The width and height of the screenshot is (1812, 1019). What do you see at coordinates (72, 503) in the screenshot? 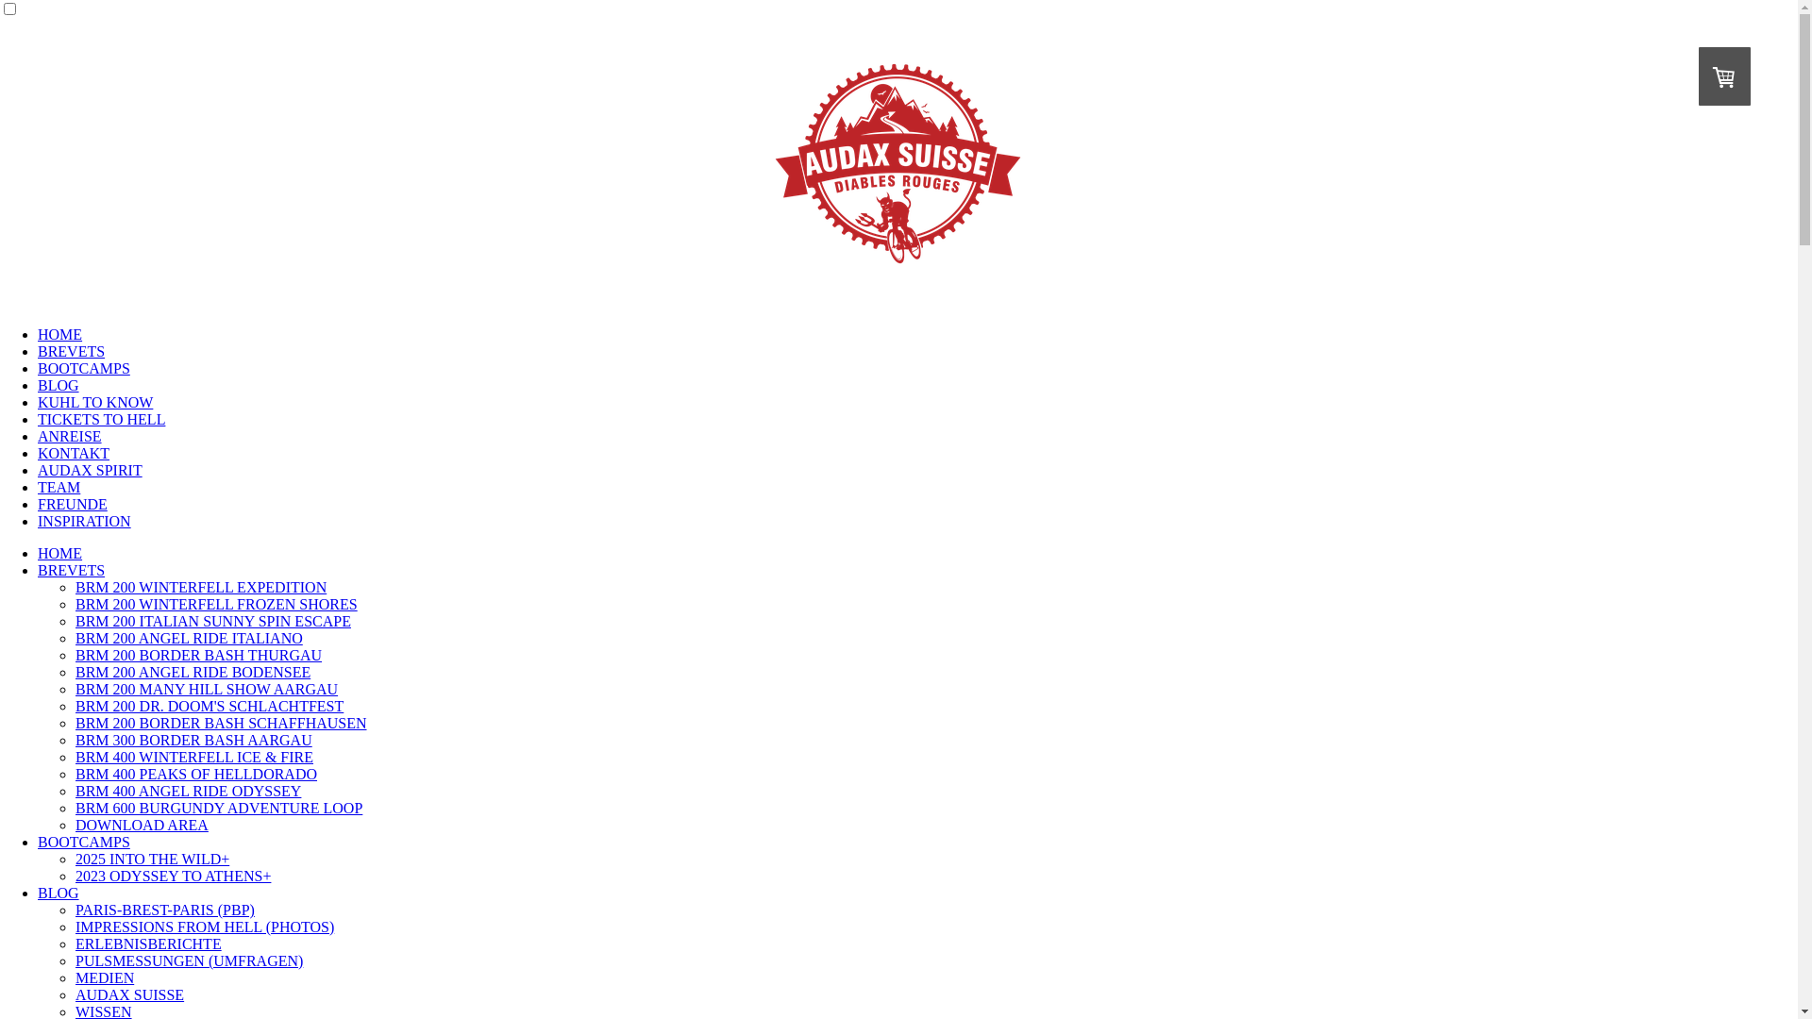
I see `'FREUNDE'` at bounding box center [72, 503].